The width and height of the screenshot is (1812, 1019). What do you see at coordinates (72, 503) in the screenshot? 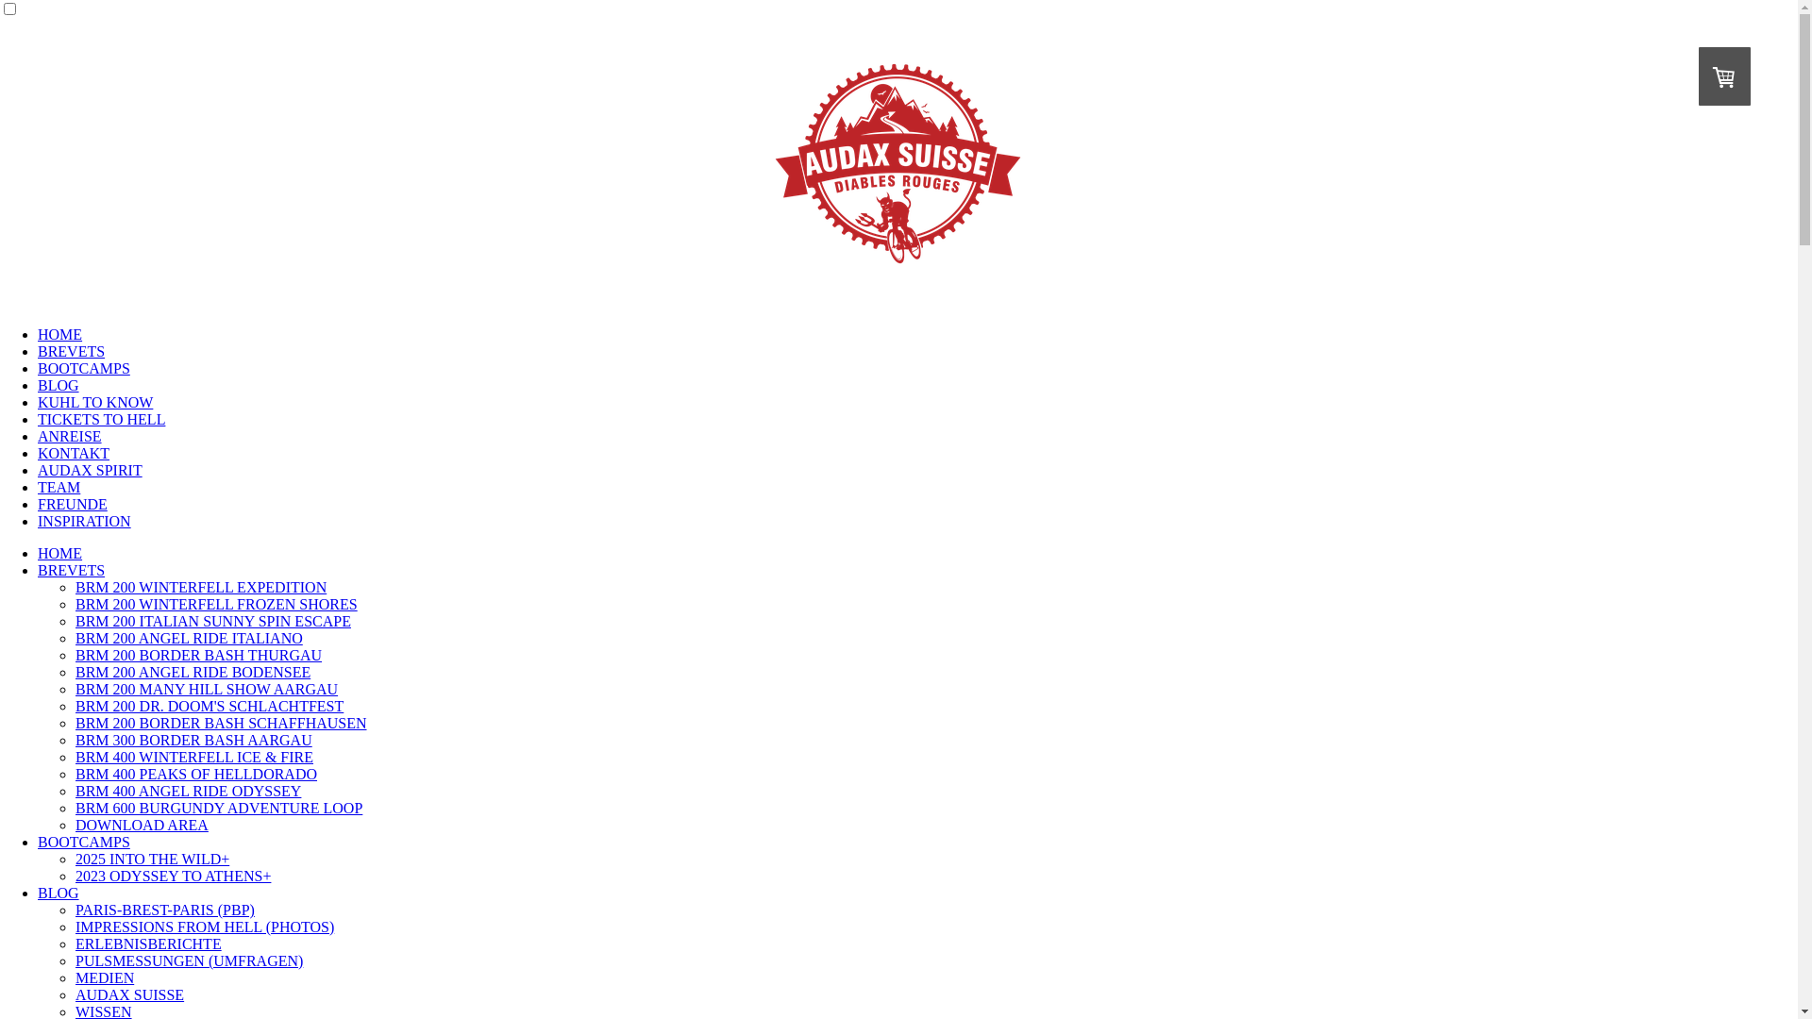
I see `'FREUNDE'` at bounding box center [72, 503].